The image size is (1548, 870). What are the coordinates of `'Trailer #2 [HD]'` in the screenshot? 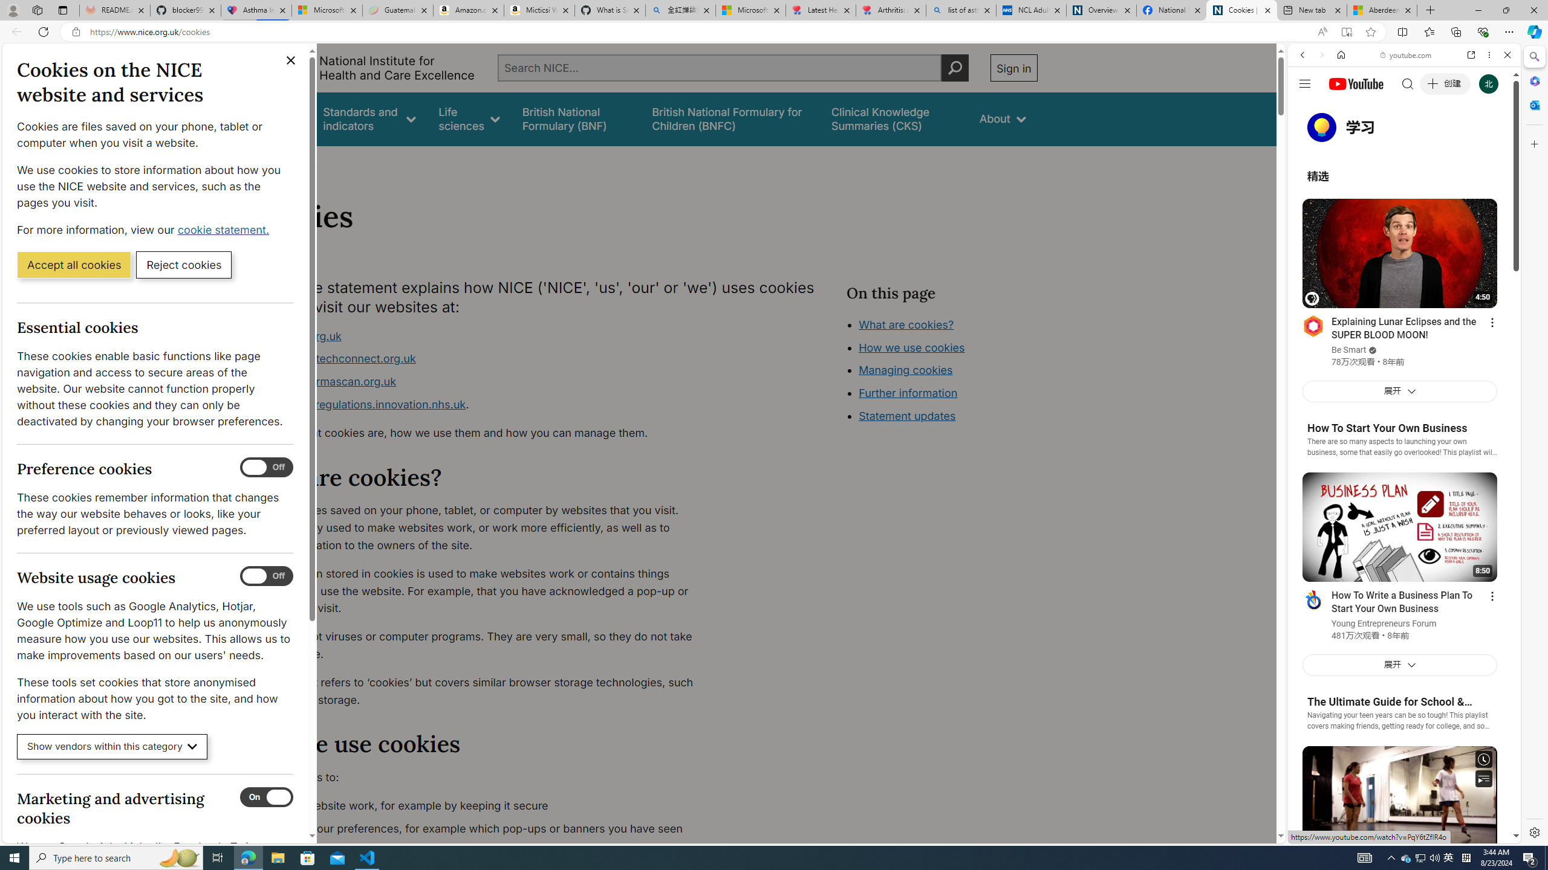 It's located at (1403, 357).